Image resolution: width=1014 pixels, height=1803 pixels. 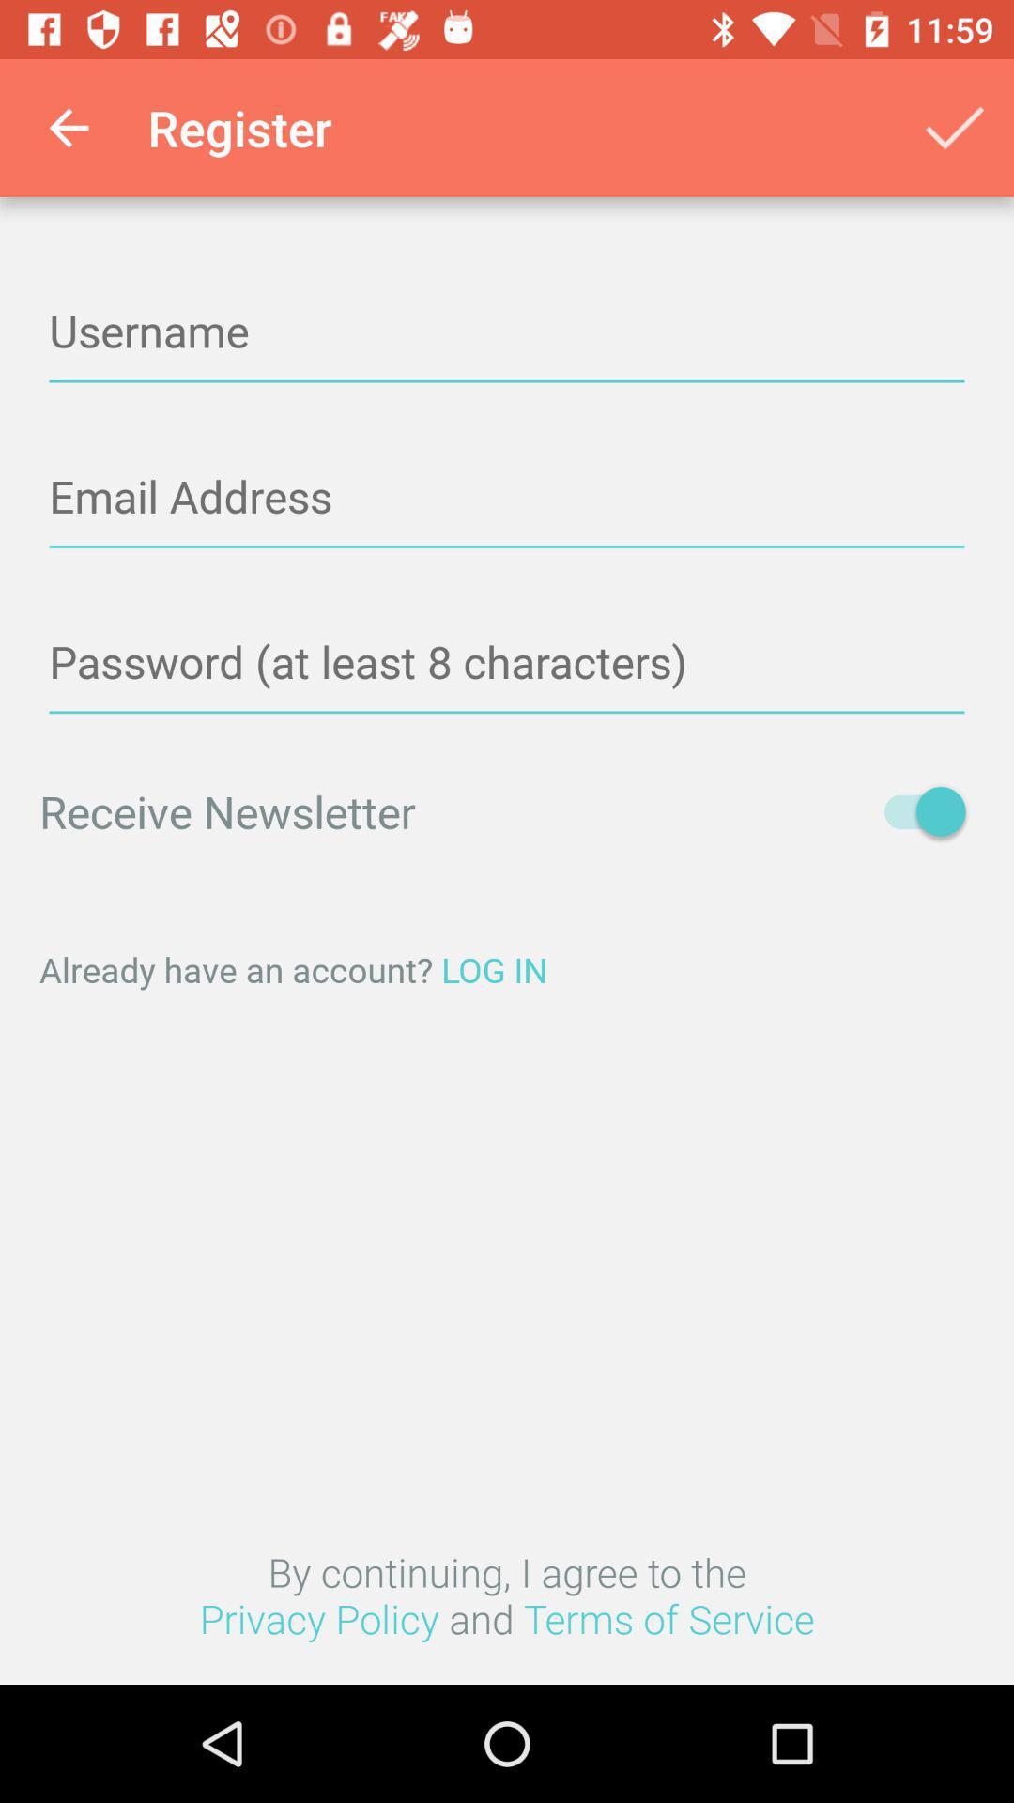 What do you see at coordinates (507, 1594) in the screenshot?
I see `by continuing i item` at bounding box center [507, 1594].